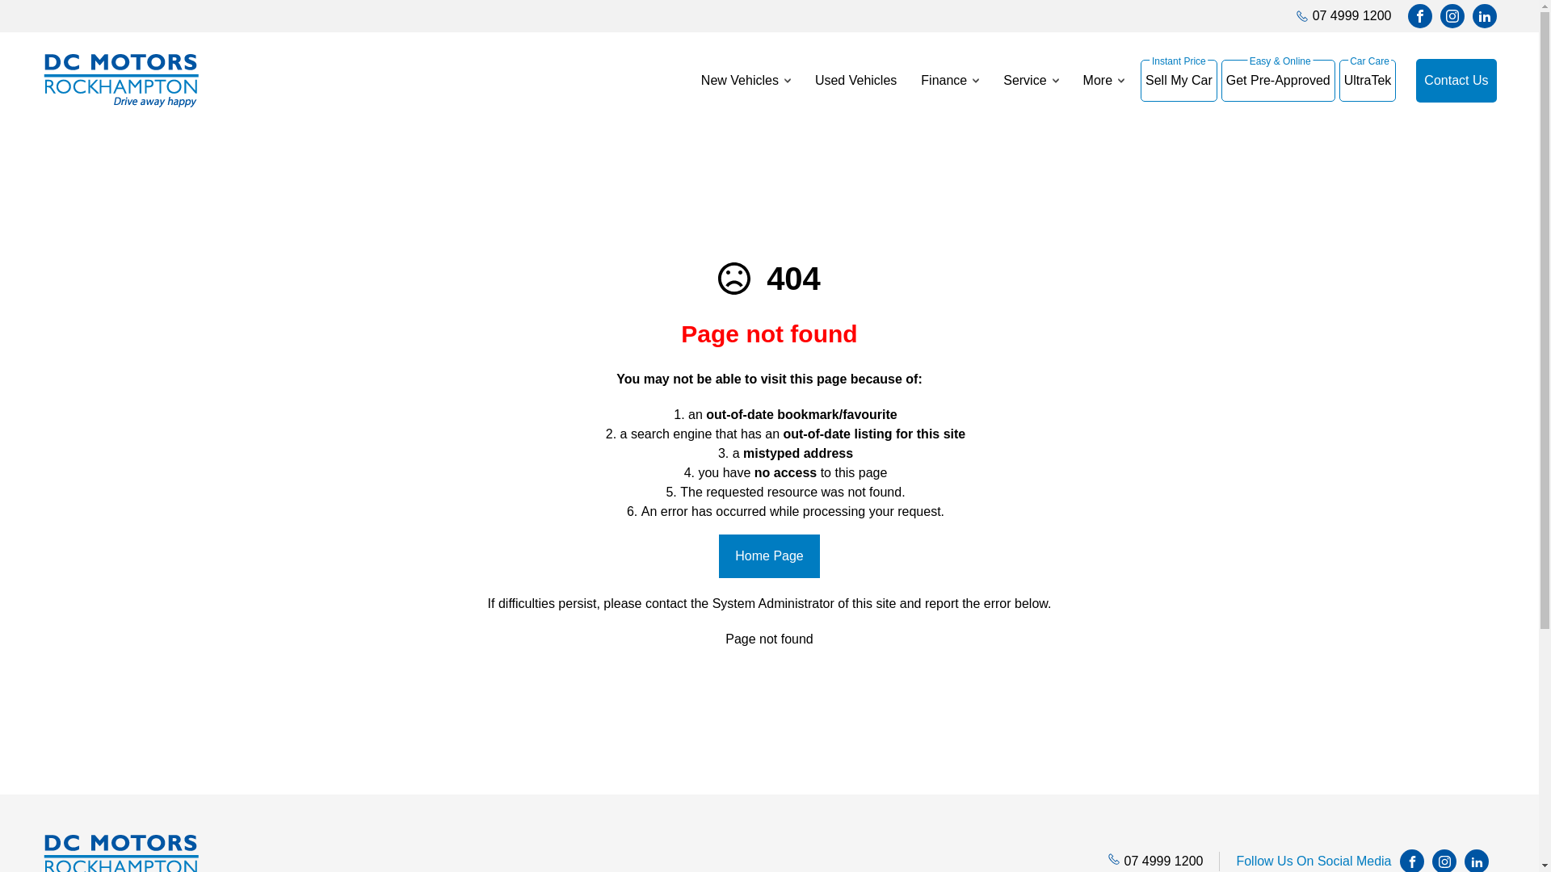  I want to click on 'More', so click(1103, 81).